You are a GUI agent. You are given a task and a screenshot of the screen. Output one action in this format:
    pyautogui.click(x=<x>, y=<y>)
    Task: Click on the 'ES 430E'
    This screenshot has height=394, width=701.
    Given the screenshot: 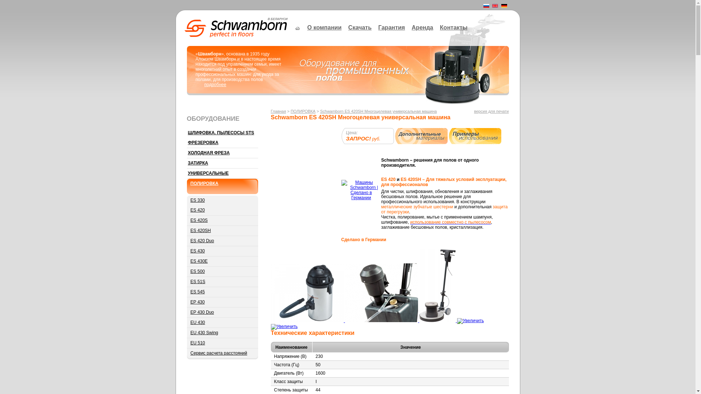 What is the action you would take?
    pyautogui.click(x=222, y=261)
    